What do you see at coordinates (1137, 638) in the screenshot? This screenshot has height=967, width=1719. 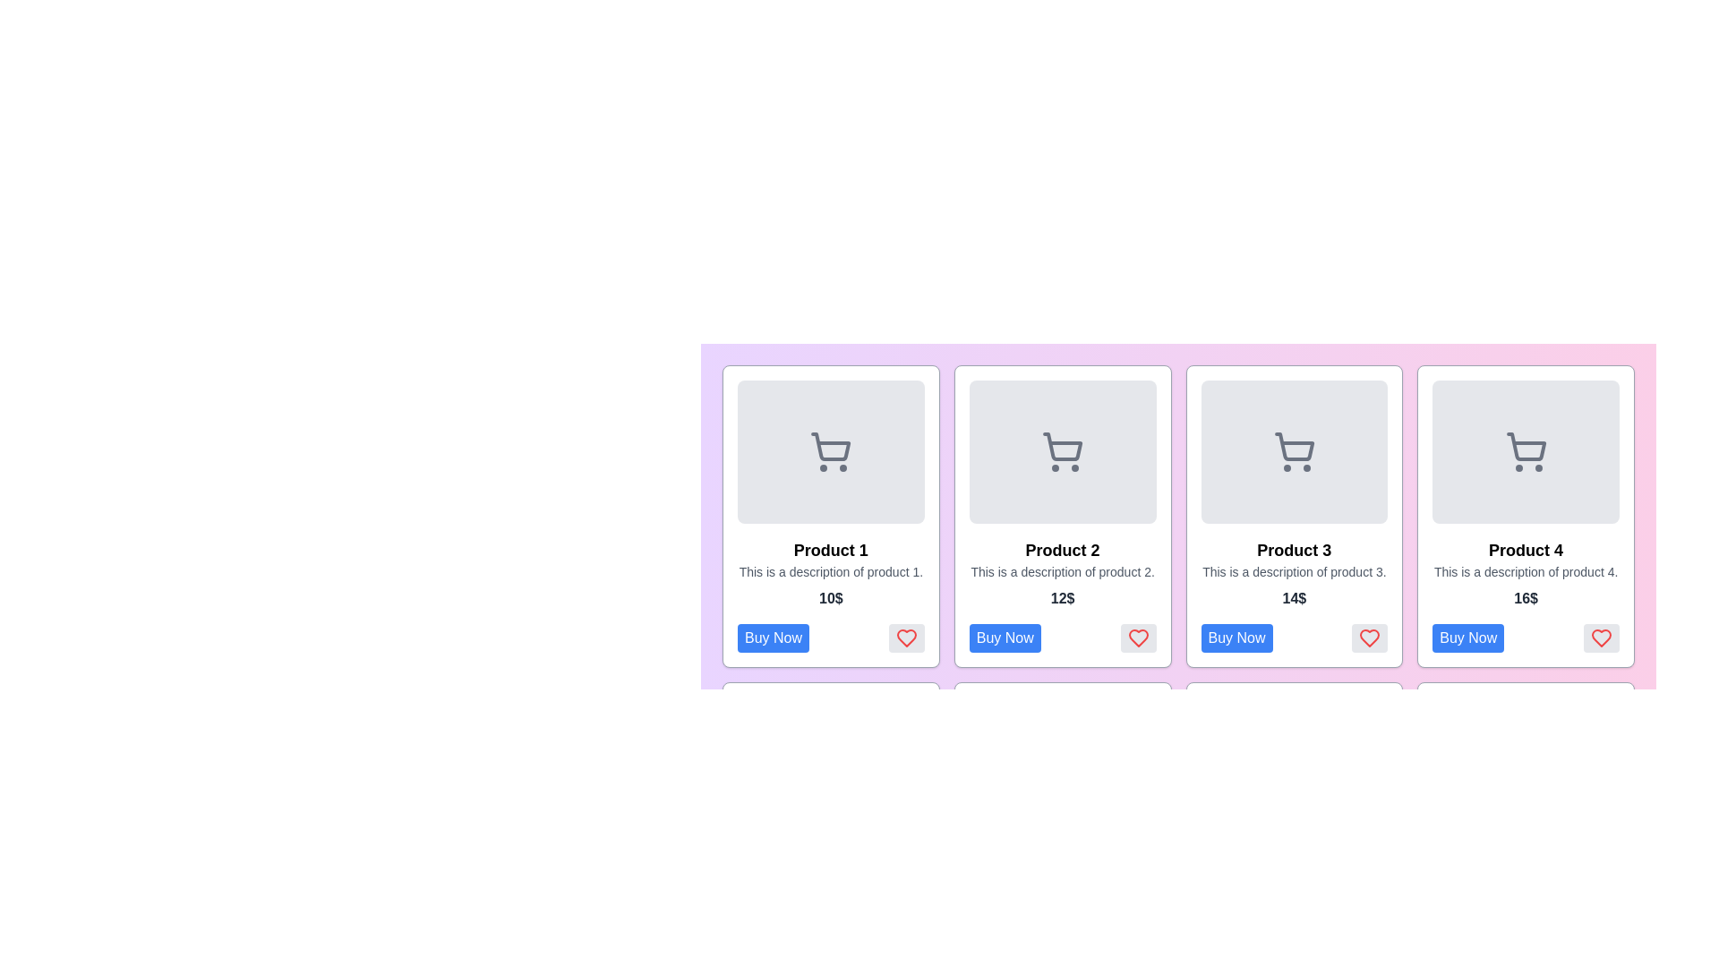 I see `the 'Like' or 'Favorite' button icon located in the Product 2 card, positioned directly under the price text and to the right of the blue 'Buy Now' button` at bounding box center [1137, 638].